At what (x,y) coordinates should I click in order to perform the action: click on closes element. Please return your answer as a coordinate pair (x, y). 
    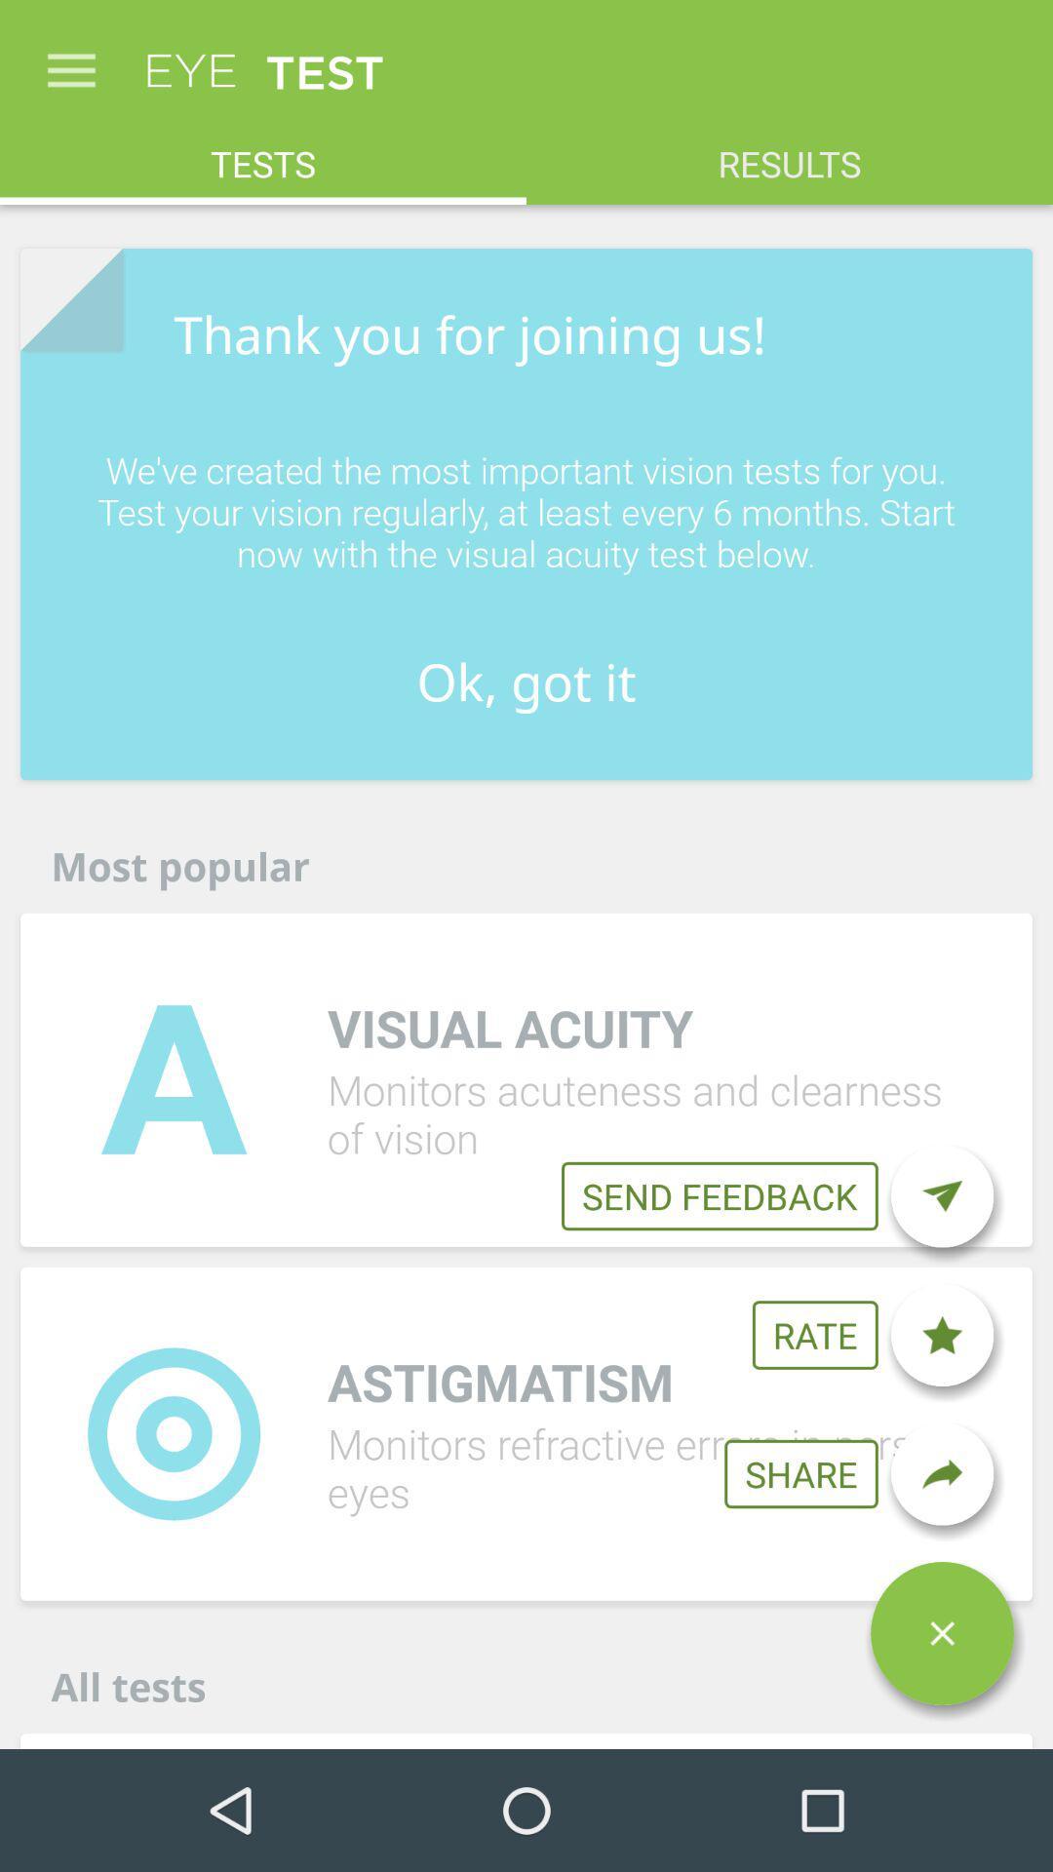
    Looking at the image, I should click on (941, 1633).